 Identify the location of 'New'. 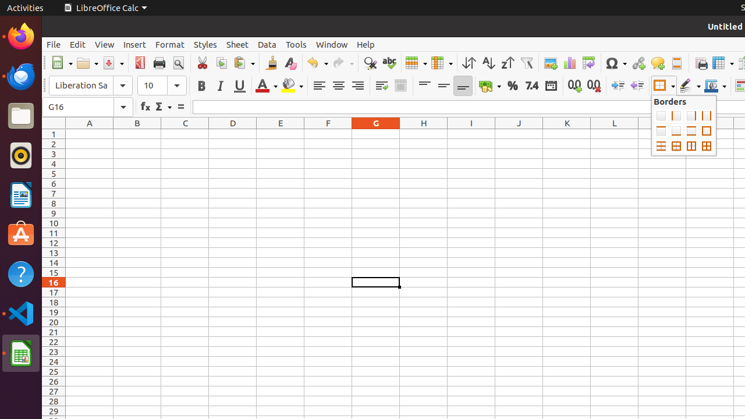
(61, 63).